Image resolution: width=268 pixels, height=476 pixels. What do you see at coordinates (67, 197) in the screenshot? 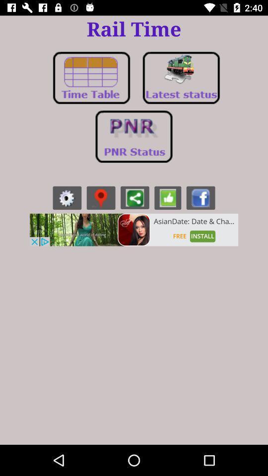
I see `the settings icon` at bounding box center [67, 197].